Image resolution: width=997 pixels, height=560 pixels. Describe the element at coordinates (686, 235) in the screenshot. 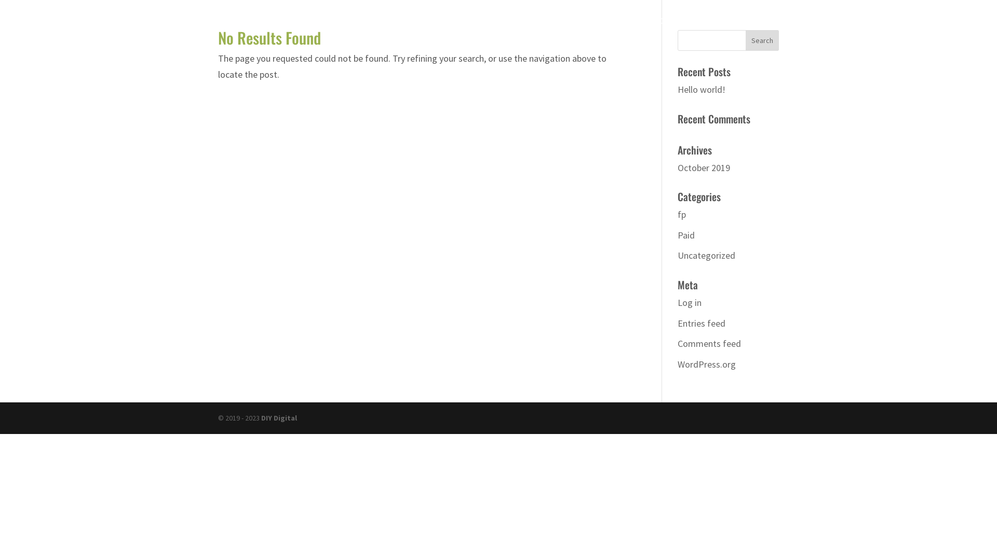

I see `'Paid'` at that location.